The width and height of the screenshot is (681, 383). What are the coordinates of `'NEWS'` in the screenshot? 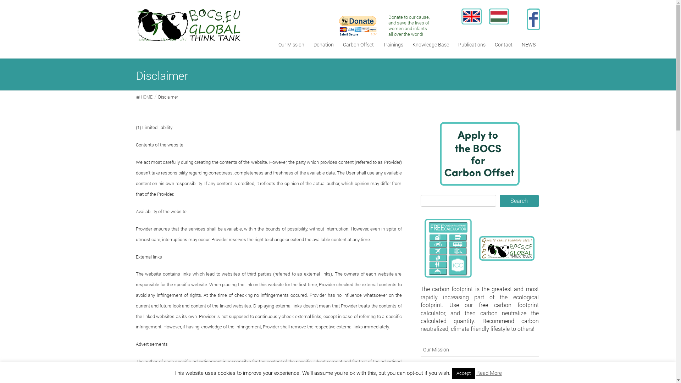 It's located at (528, 44).